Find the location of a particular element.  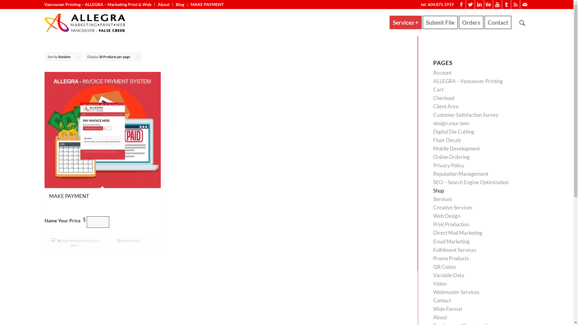

'Shop' is located at coordinates (439, 190).